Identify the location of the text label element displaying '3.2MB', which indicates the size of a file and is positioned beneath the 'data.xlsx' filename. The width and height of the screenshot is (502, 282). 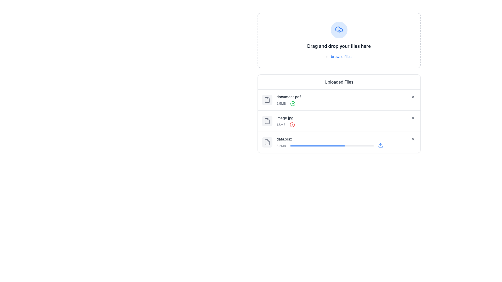
(281, 146).